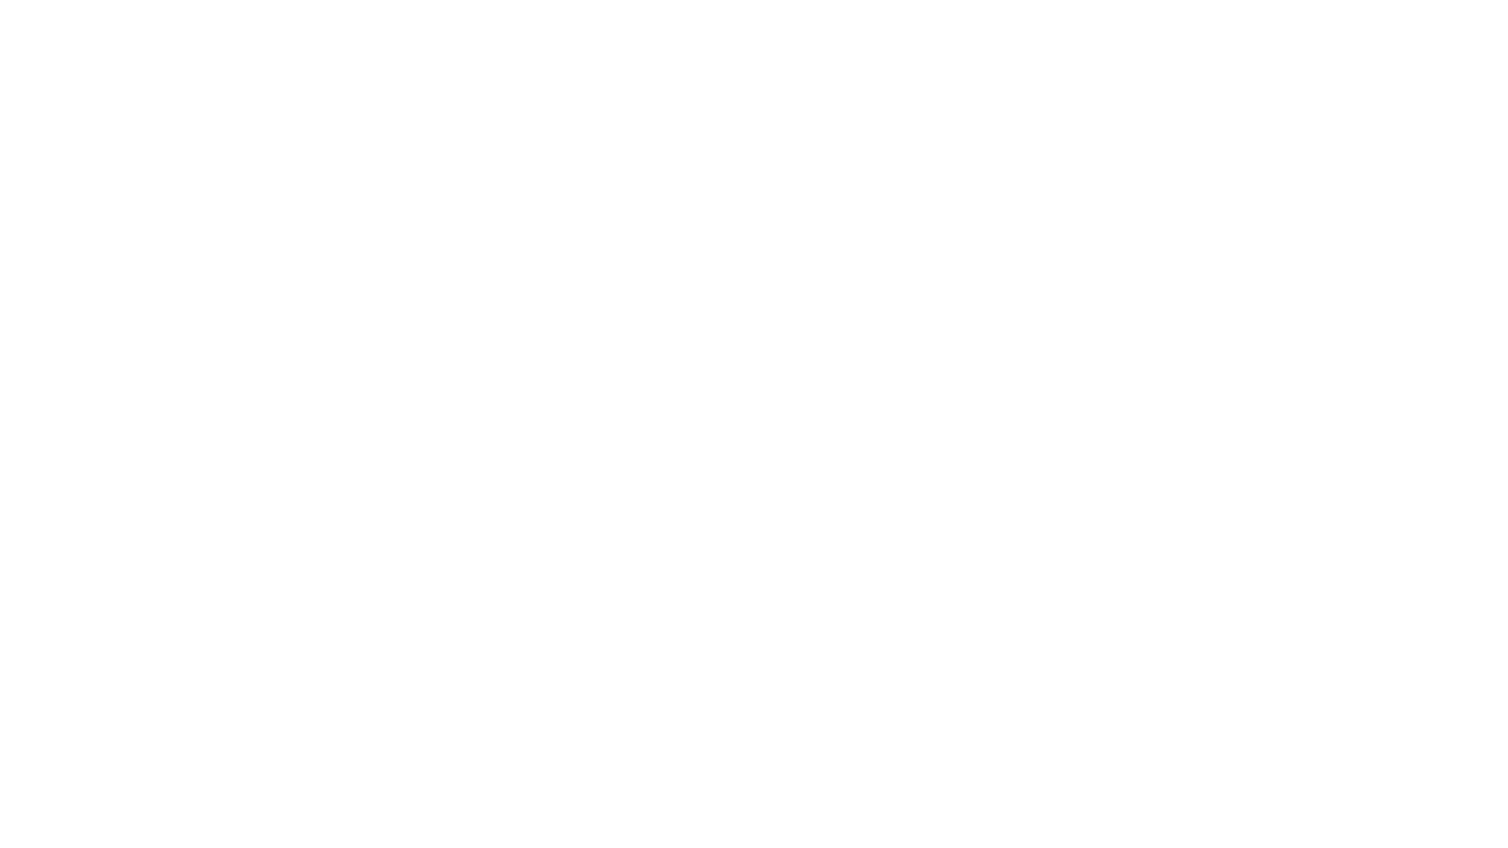  Describe the element at coordinates (754, 24) in the screenshot. I see `Search Search` at that location.